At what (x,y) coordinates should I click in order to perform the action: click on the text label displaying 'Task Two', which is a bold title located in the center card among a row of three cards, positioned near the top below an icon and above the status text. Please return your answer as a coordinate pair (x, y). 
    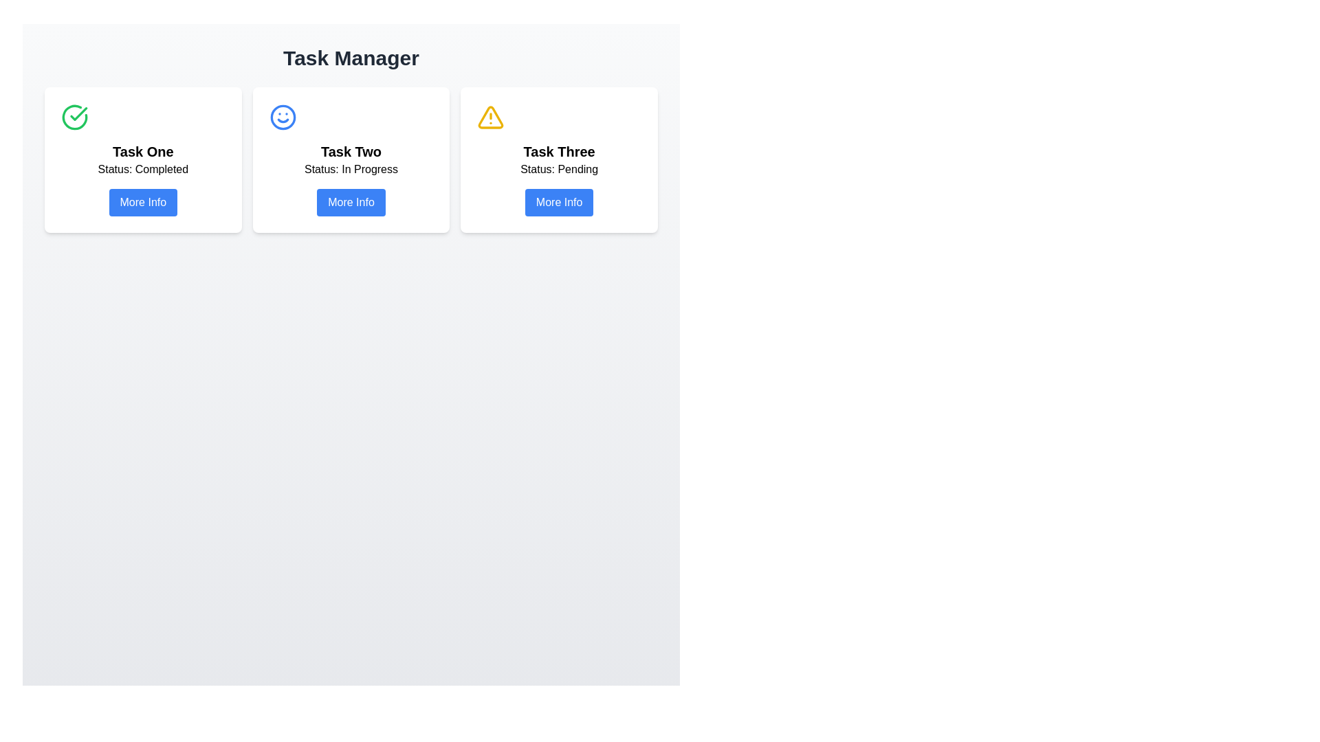
    Looking at the image, I should click on (351, 151).